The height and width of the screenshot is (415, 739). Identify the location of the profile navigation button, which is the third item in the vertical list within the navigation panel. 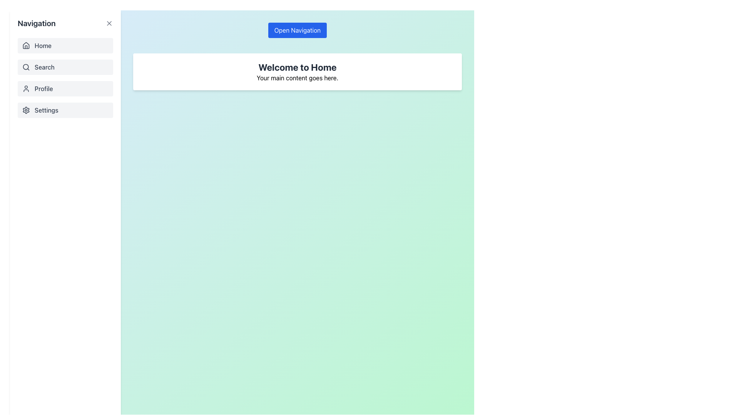
(65, 88).